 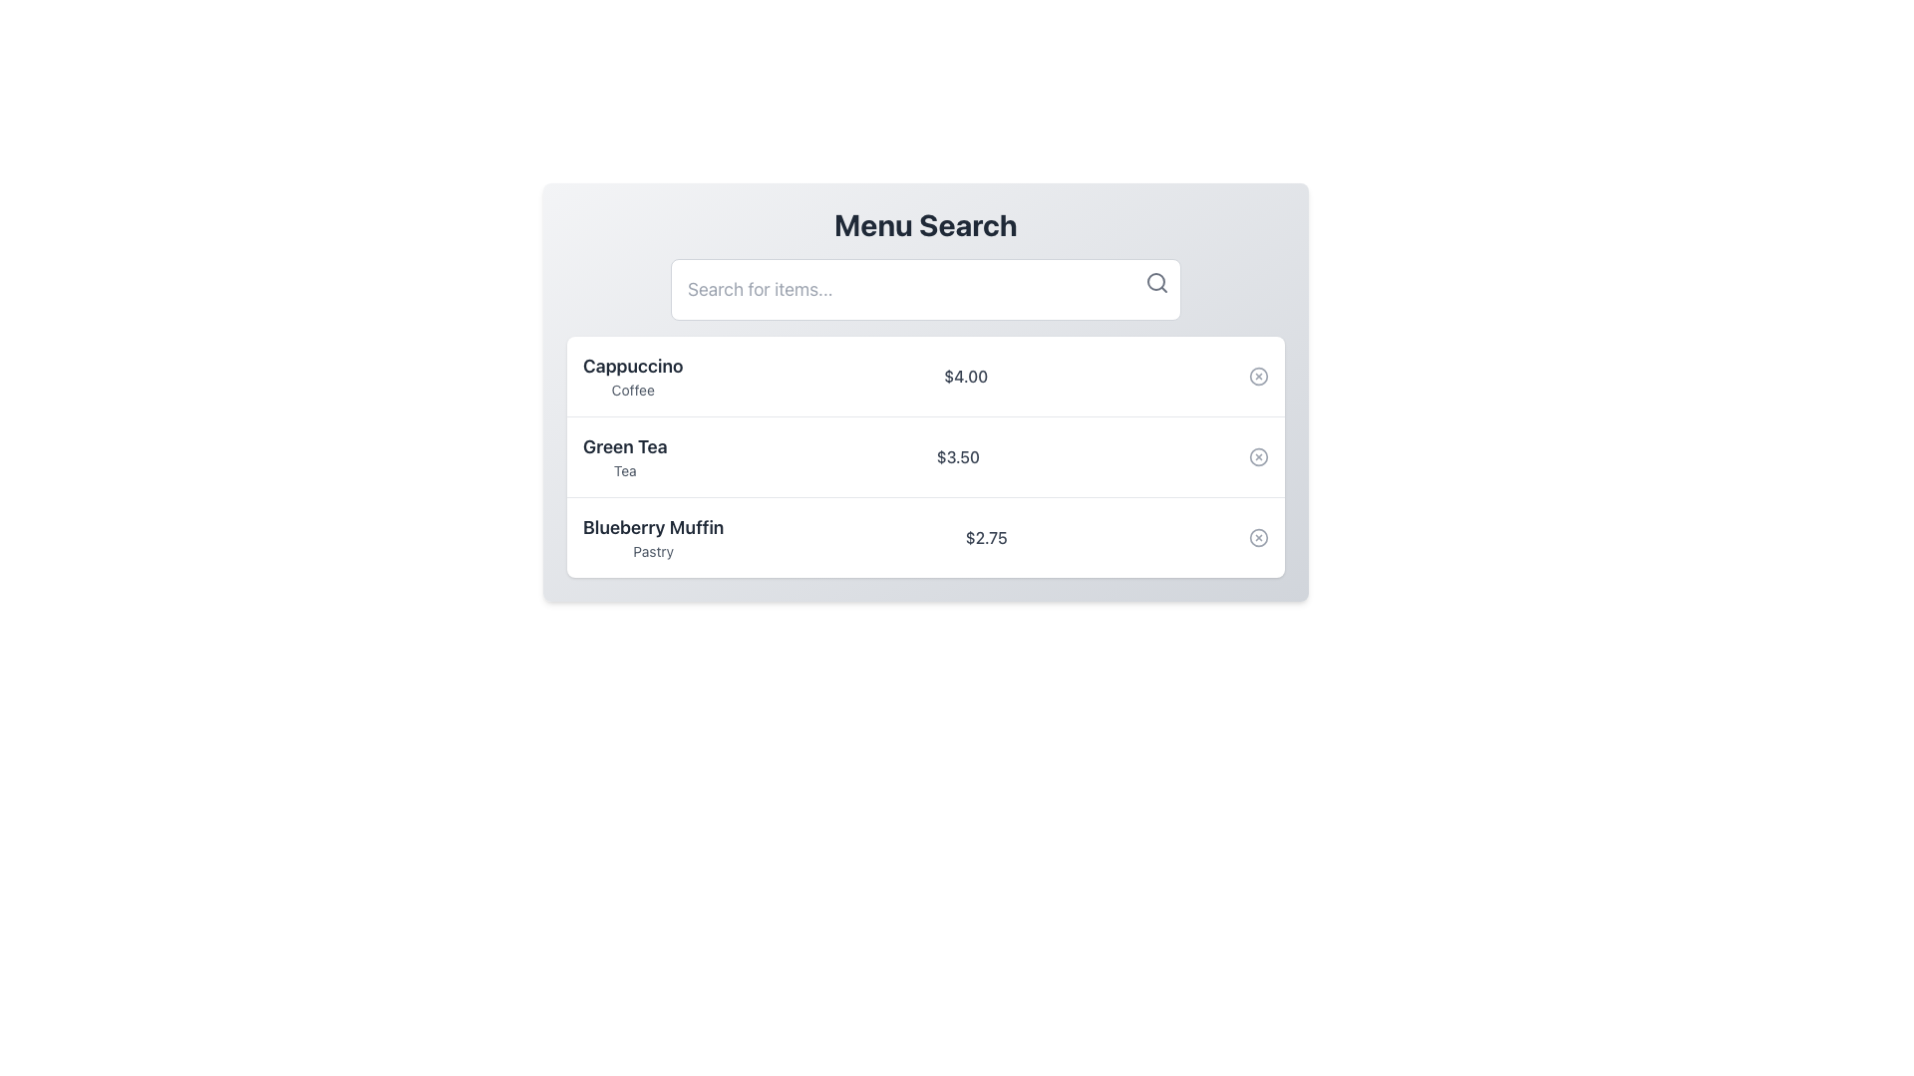 What do you see at coordinates (1157, 283) in the screenshot?
I see `the search button located at the top-right corner of the search bar` at bounding box center [1157, 283].